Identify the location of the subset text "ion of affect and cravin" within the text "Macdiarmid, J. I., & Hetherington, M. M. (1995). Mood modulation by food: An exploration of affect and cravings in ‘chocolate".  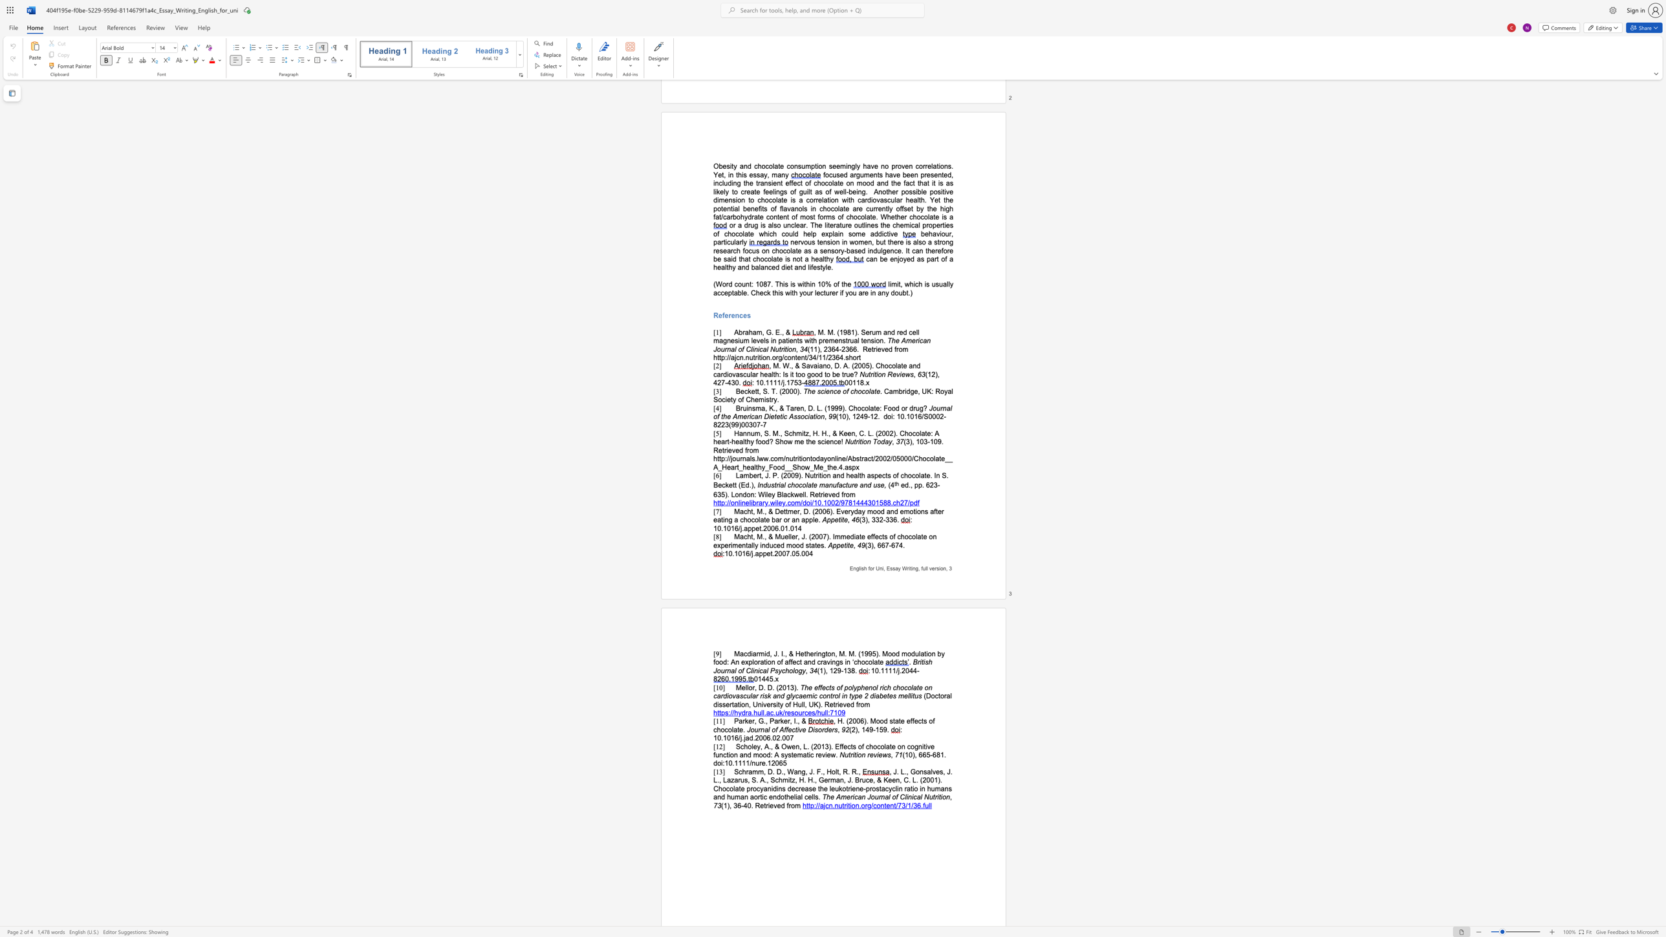
(766, 662).